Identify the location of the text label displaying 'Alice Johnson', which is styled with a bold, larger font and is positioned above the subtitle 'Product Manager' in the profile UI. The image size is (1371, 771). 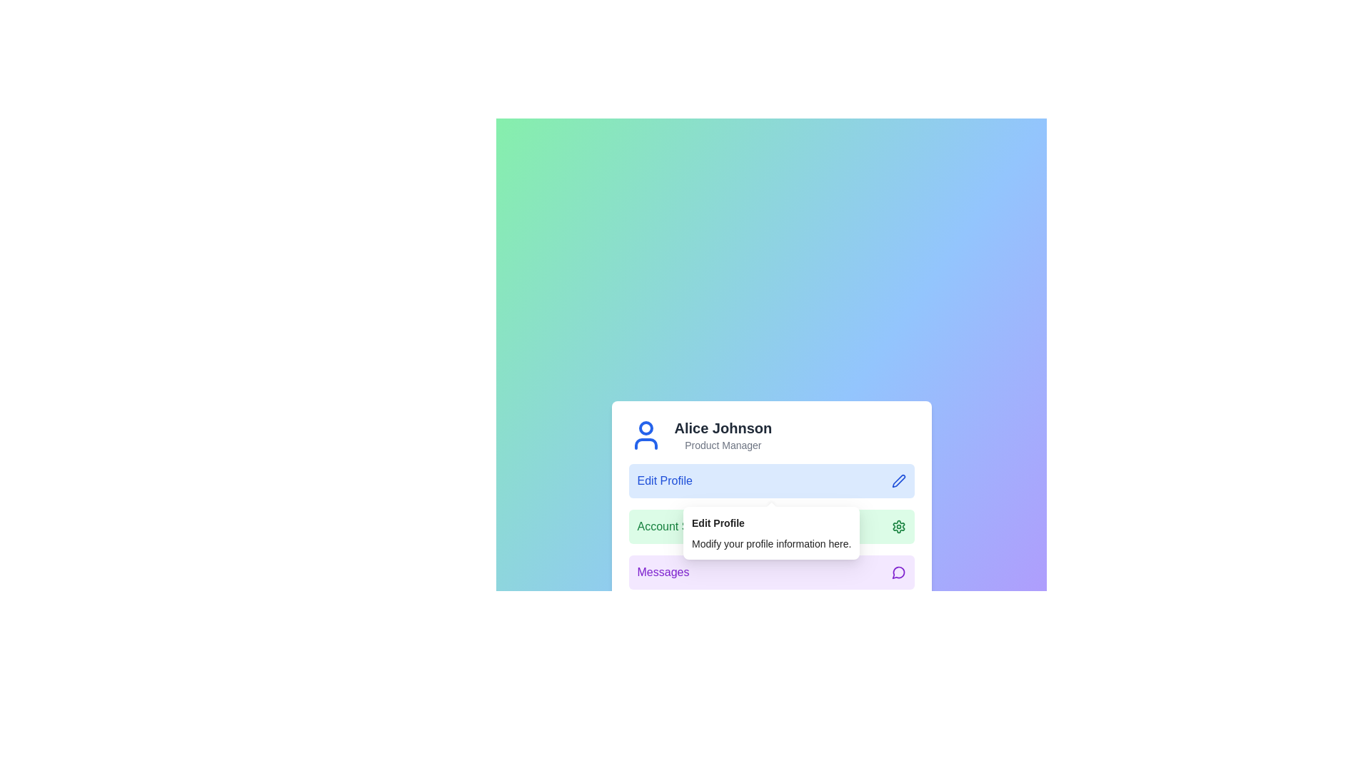
(723, 428).